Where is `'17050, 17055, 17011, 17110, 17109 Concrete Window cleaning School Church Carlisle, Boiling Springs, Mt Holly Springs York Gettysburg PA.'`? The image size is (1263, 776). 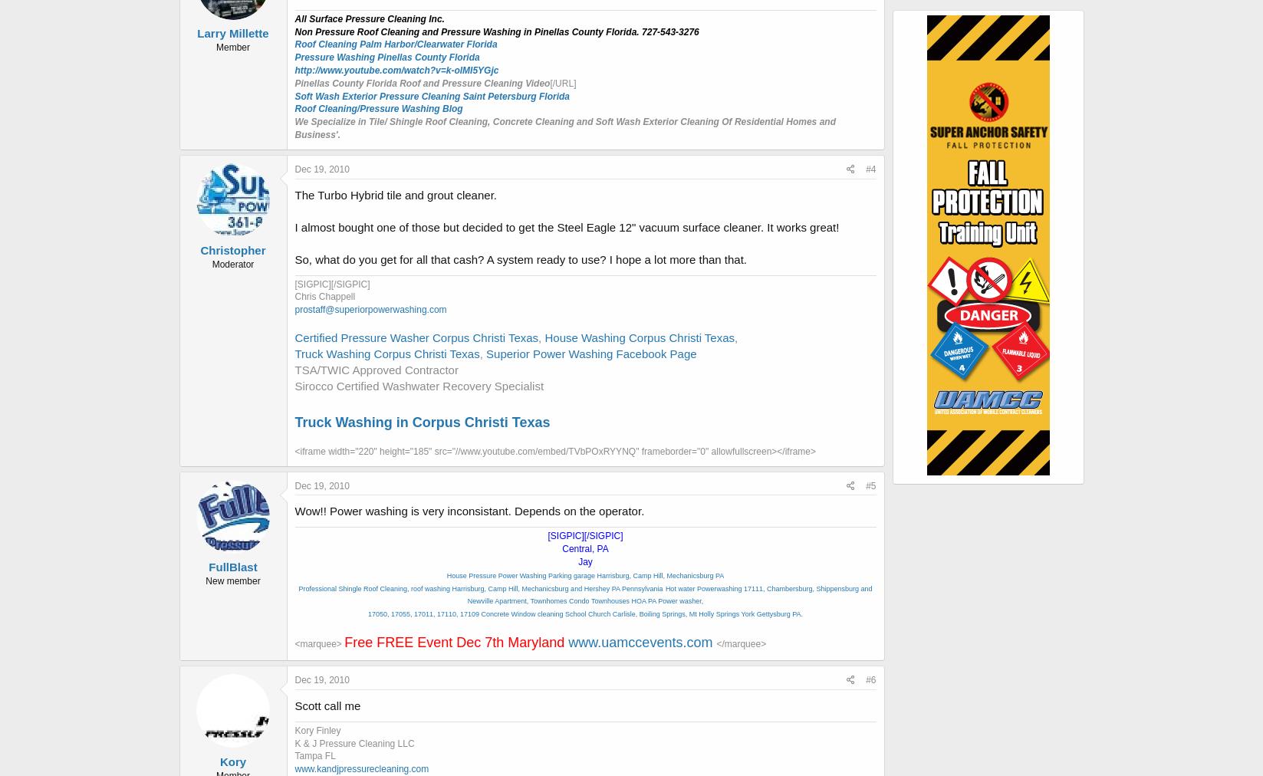
'17050, 17055, 17011, 17110, 17109 Concrete Window cleaning School Church Carlisle, Boiling Springs, Mt Holly Springs York Gettysburg PA.' is located at coordinates (585, 613).